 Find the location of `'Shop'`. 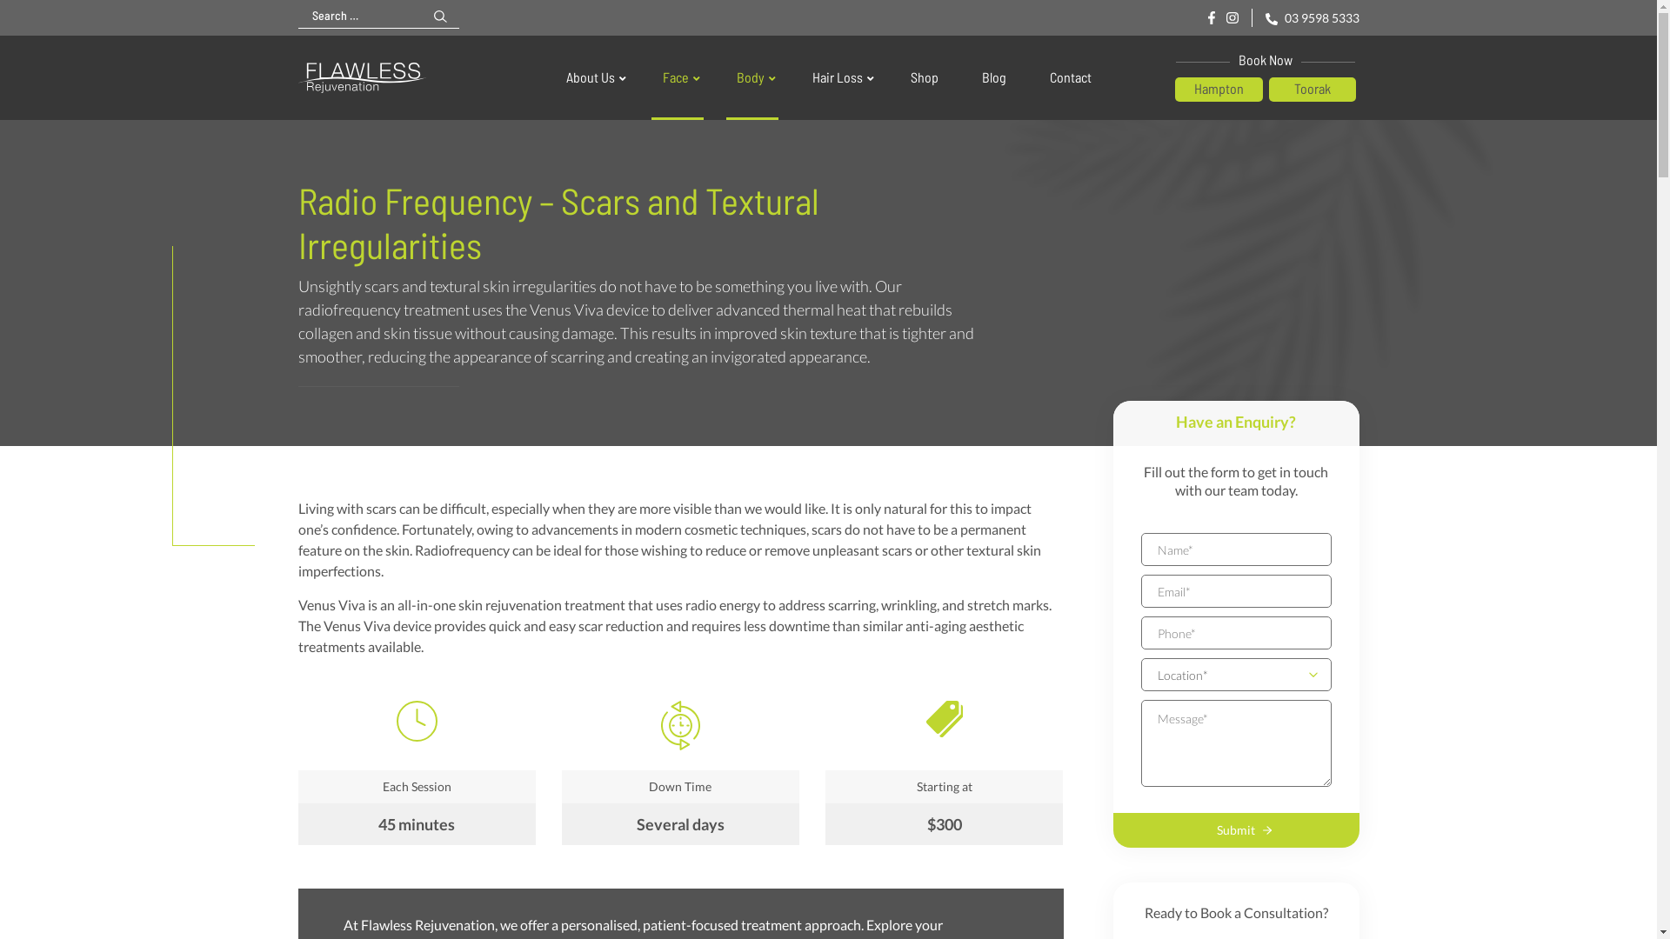

'Shop' is located at coordinates (922, 77).